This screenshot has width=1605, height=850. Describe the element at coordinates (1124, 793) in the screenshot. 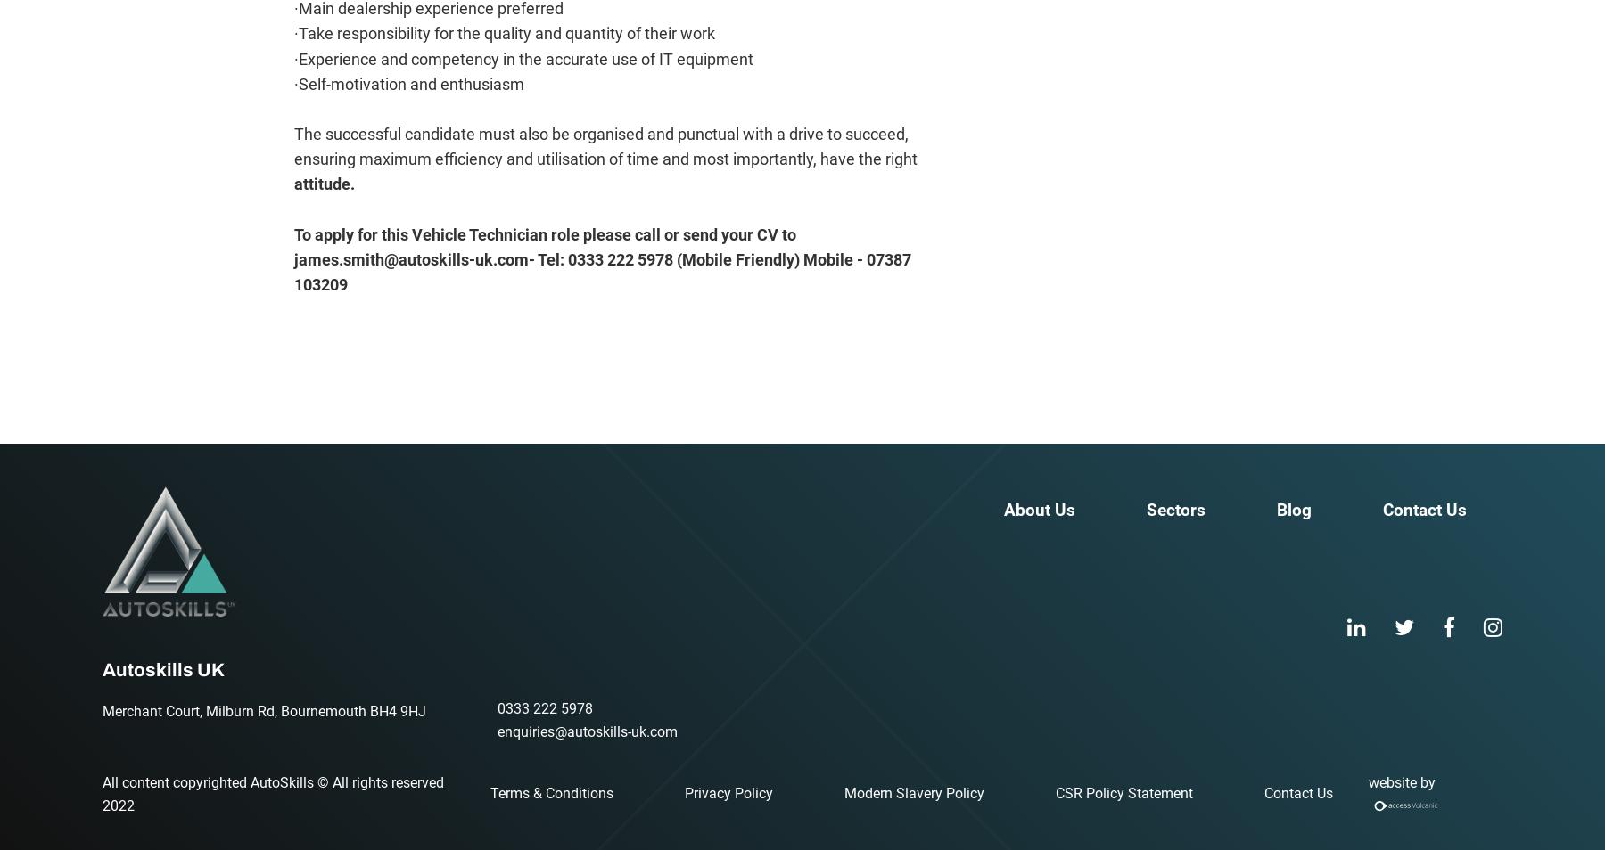

I see `'CSR Policy Statement'` at that location.